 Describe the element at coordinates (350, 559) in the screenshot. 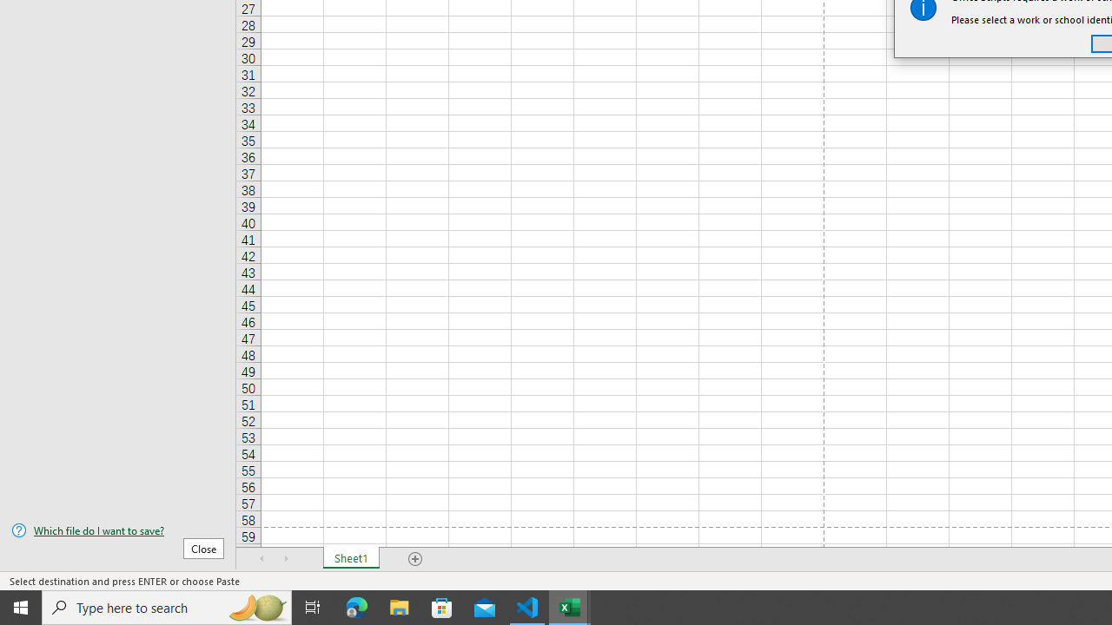

I see `'Sheet1'` at that location.